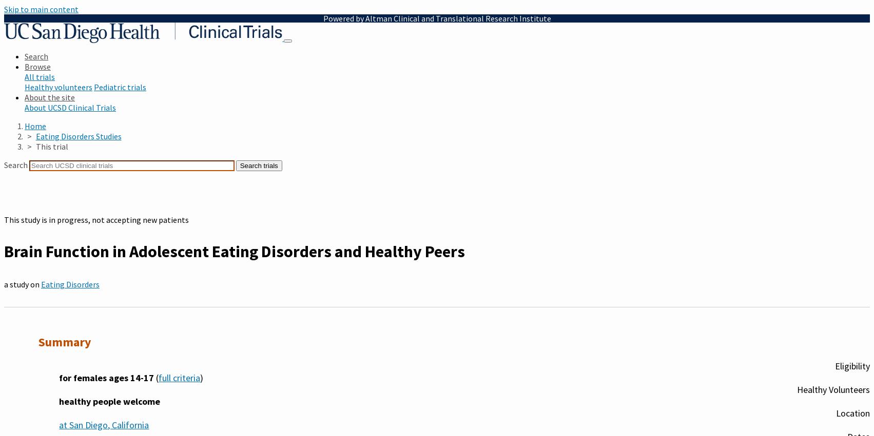  What do you see at coordinates (109, 400) in the screenshot?
I see `'healthy people welcome'` at bounding box center [109, 400].